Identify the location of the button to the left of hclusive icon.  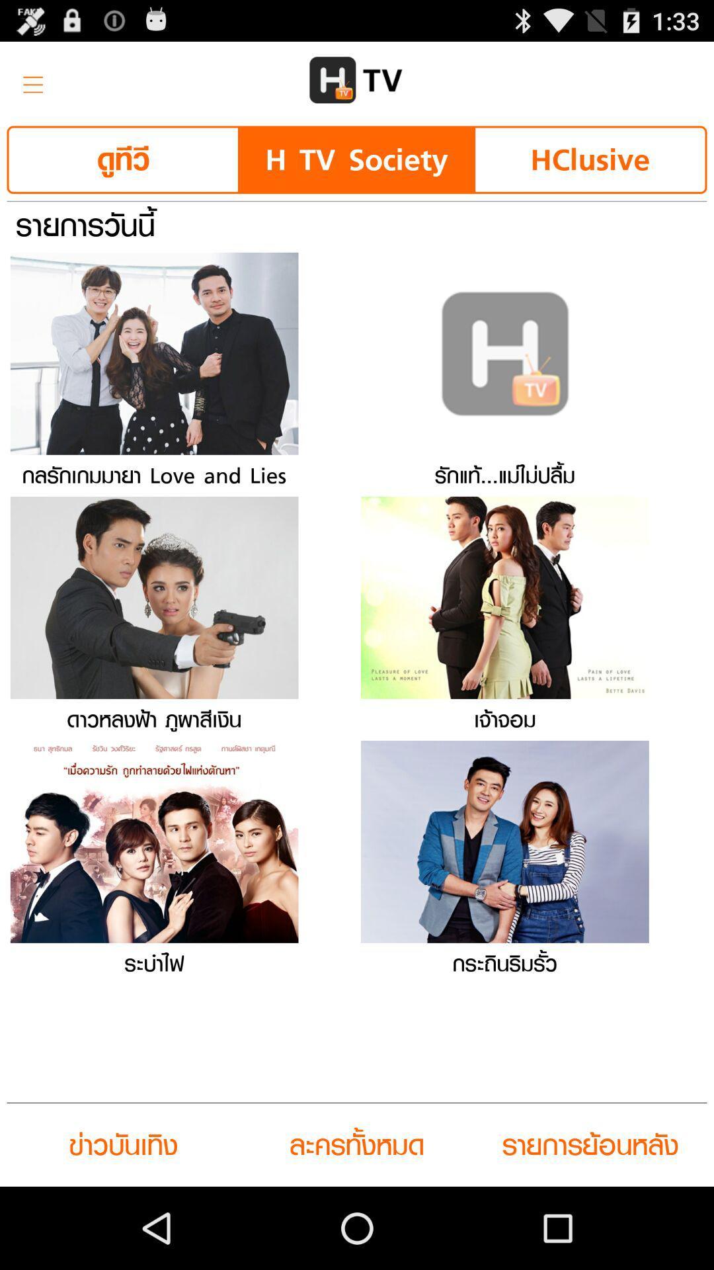
(356, 159).